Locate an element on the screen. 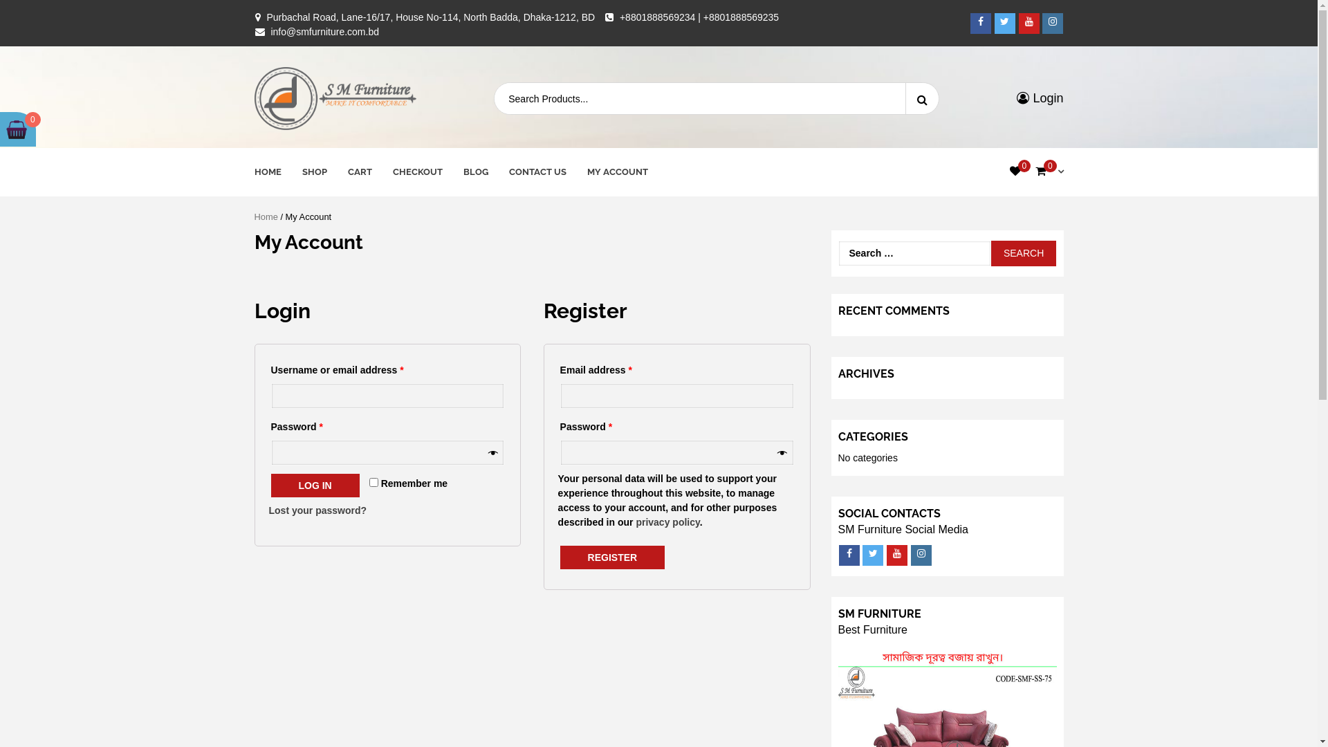 This screenshot has height=747, width=1328. 'WooCommerce Floating Cart' is located at coordinates (17, 129).